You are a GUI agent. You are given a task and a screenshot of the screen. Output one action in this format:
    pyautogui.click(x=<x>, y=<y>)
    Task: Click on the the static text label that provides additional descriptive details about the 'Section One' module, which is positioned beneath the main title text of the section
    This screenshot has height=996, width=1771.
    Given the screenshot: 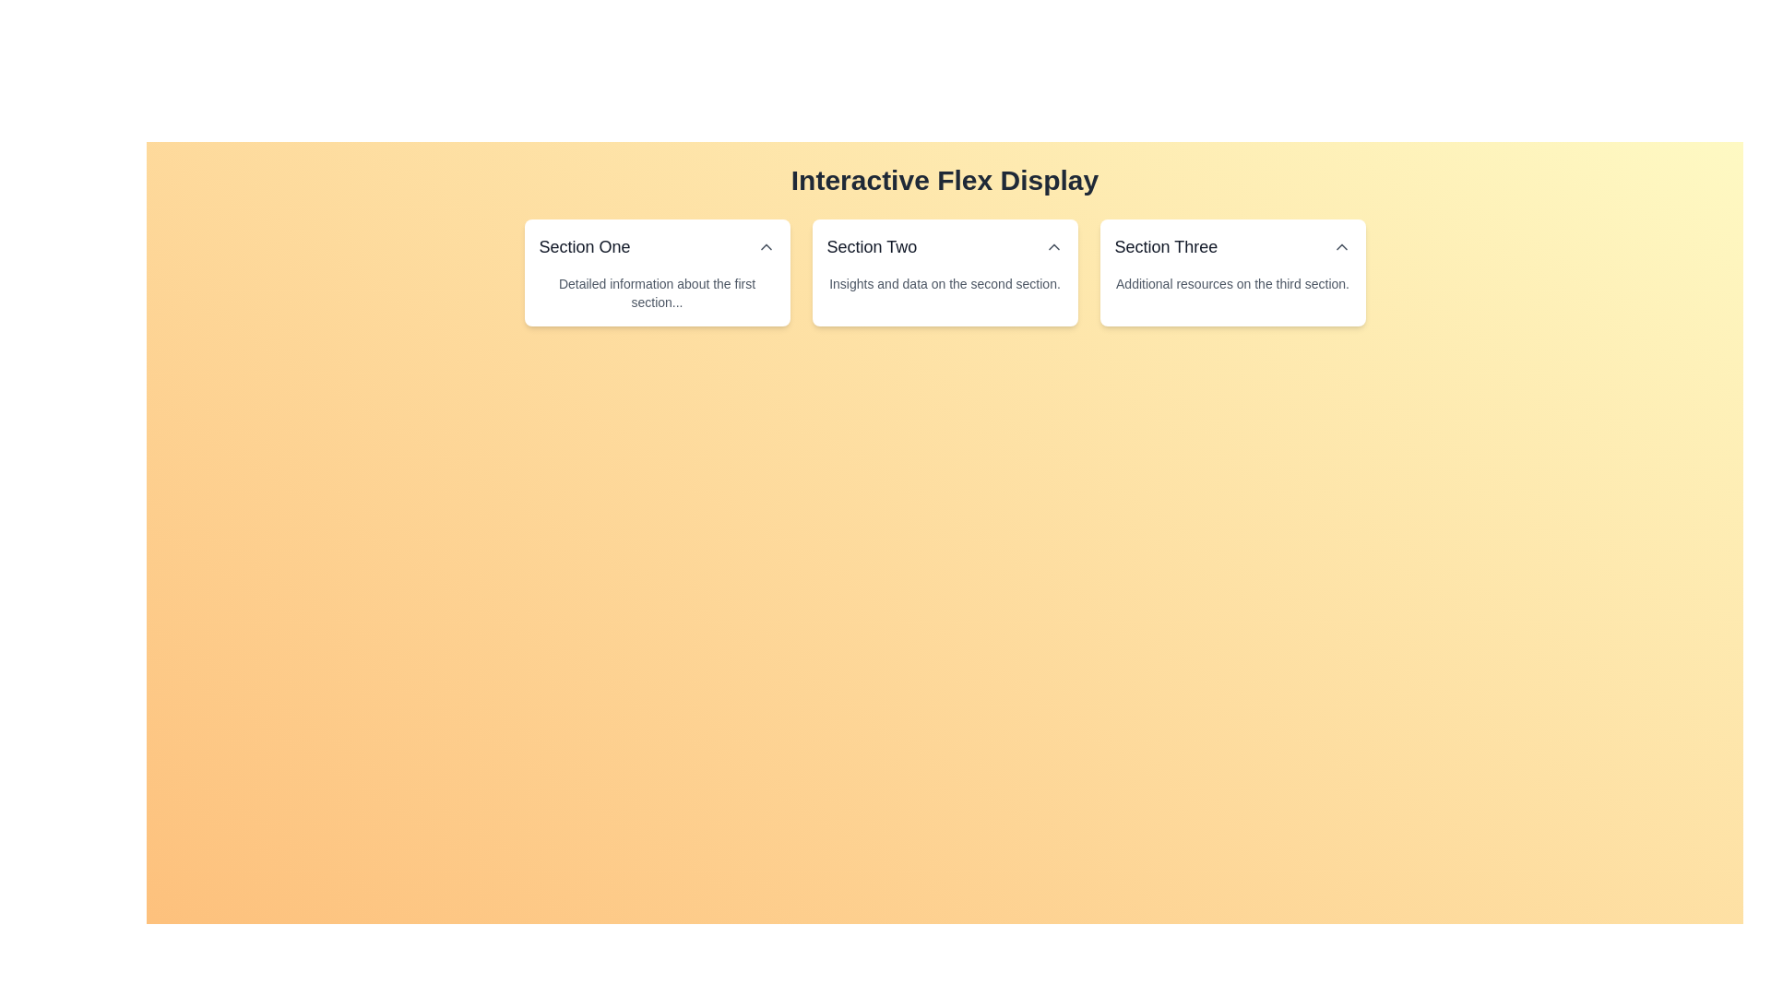 What is the action you would take?
    pyautogui.click(x=657, y=291)
    